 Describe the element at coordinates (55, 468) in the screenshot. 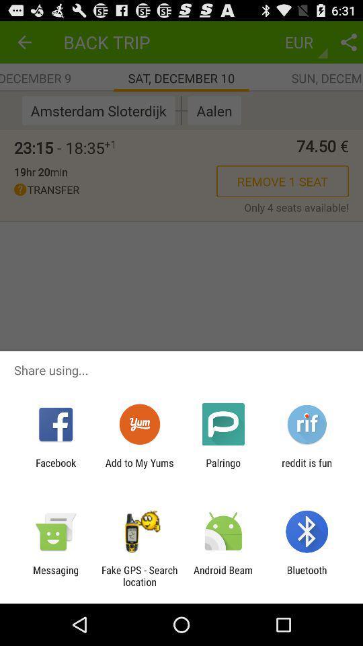

I see `facebook app` at that location.